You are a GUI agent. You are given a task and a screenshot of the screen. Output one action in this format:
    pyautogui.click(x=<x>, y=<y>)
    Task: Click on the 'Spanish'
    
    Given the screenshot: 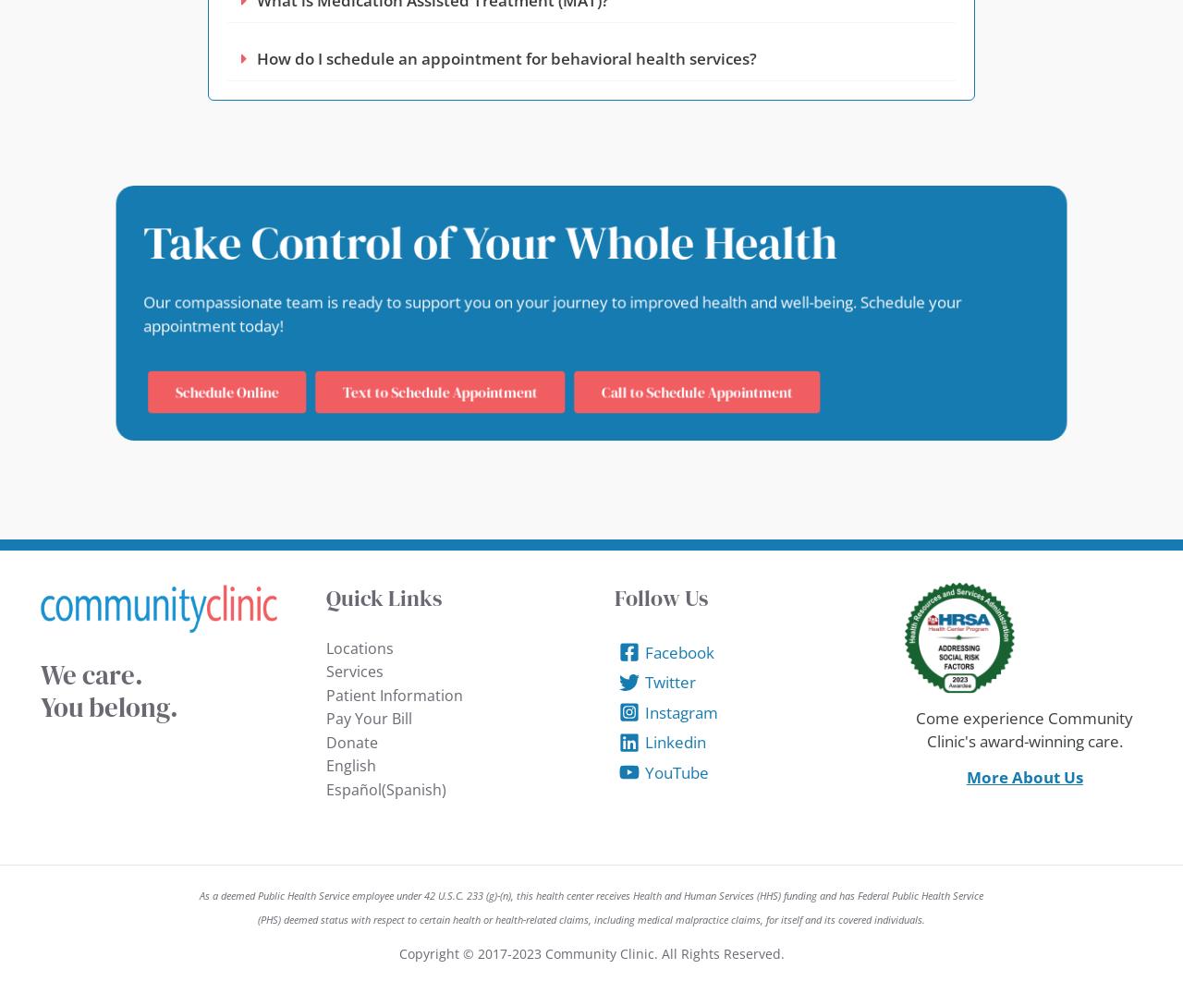 What is the action you would take?
    pyautogui.click(x=411, y=787)
    